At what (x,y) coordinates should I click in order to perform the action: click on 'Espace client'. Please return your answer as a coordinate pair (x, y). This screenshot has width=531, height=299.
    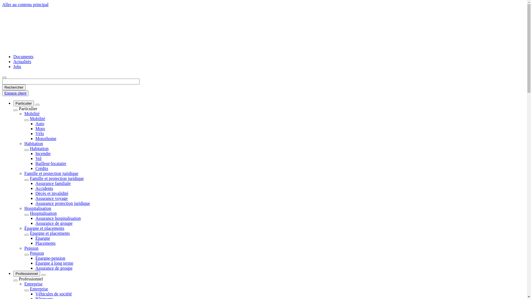
    Looking at the image, I should click on (15, 93).